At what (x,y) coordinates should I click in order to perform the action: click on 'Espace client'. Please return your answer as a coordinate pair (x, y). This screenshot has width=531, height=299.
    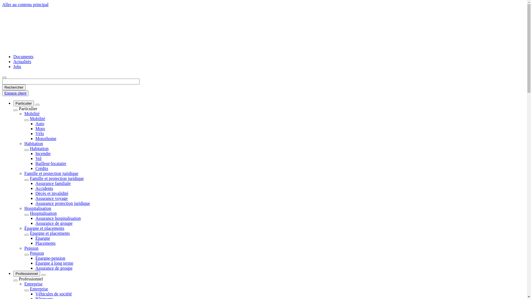
    Looking at the image, I should click on (15, 93).